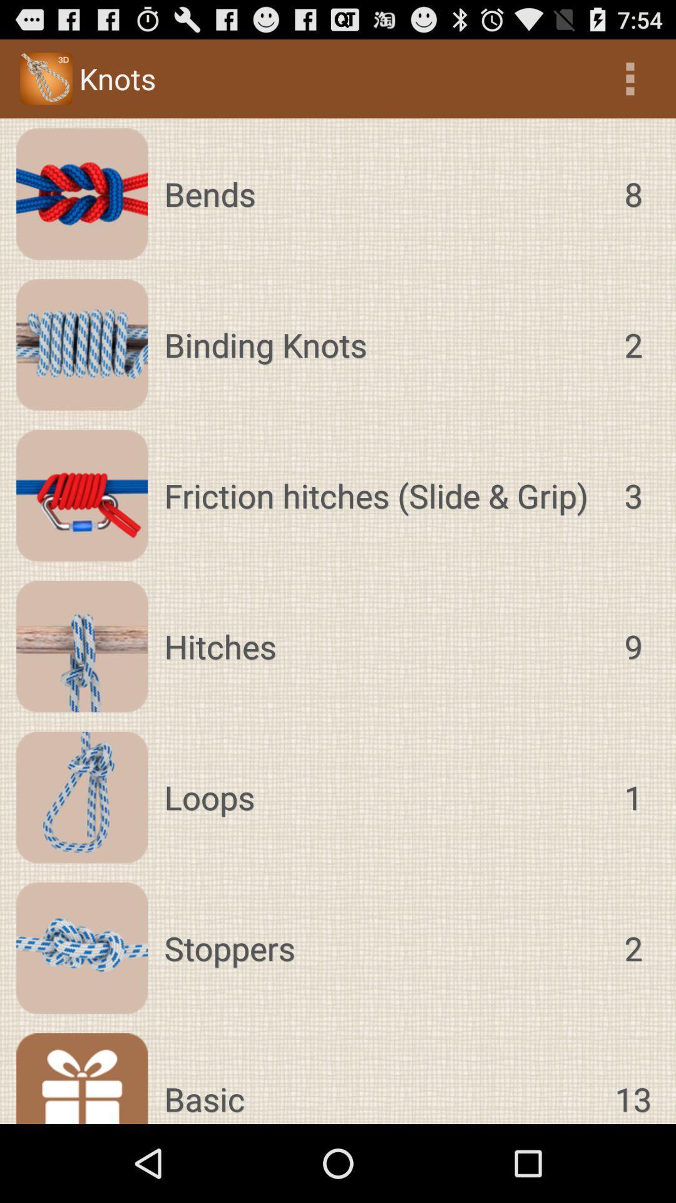 This screenshot has height=1203, width=676. Describe the element at coordinates (633, 647) in the screenshot. I see `9` at that location.